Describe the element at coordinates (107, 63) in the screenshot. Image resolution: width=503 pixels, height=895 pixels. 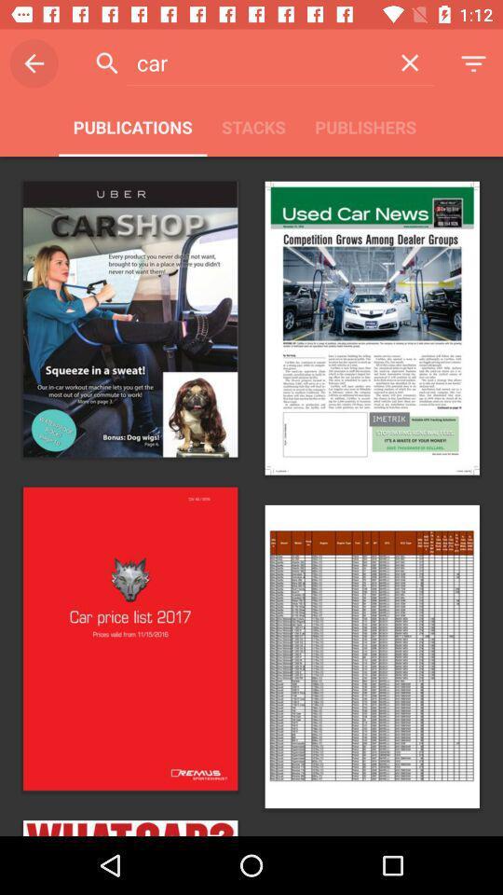
I see `the search button` at that location.